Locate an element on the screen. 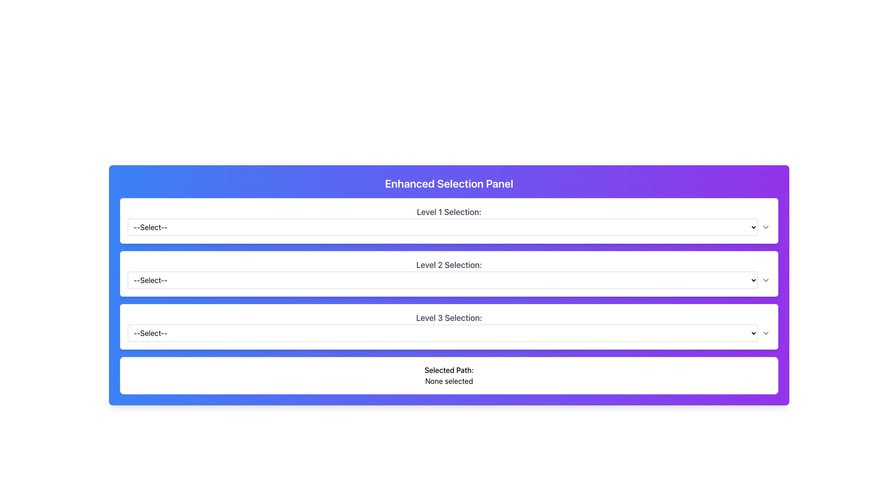 This screenshot has height=493, width=876. the dropdown menu labeled '--Select--Electronics' is located at coordinates (449, 279).